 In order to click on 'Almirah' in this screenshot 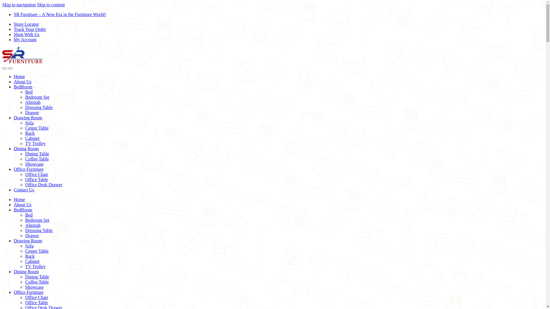, I will do `click(32, 225)`.